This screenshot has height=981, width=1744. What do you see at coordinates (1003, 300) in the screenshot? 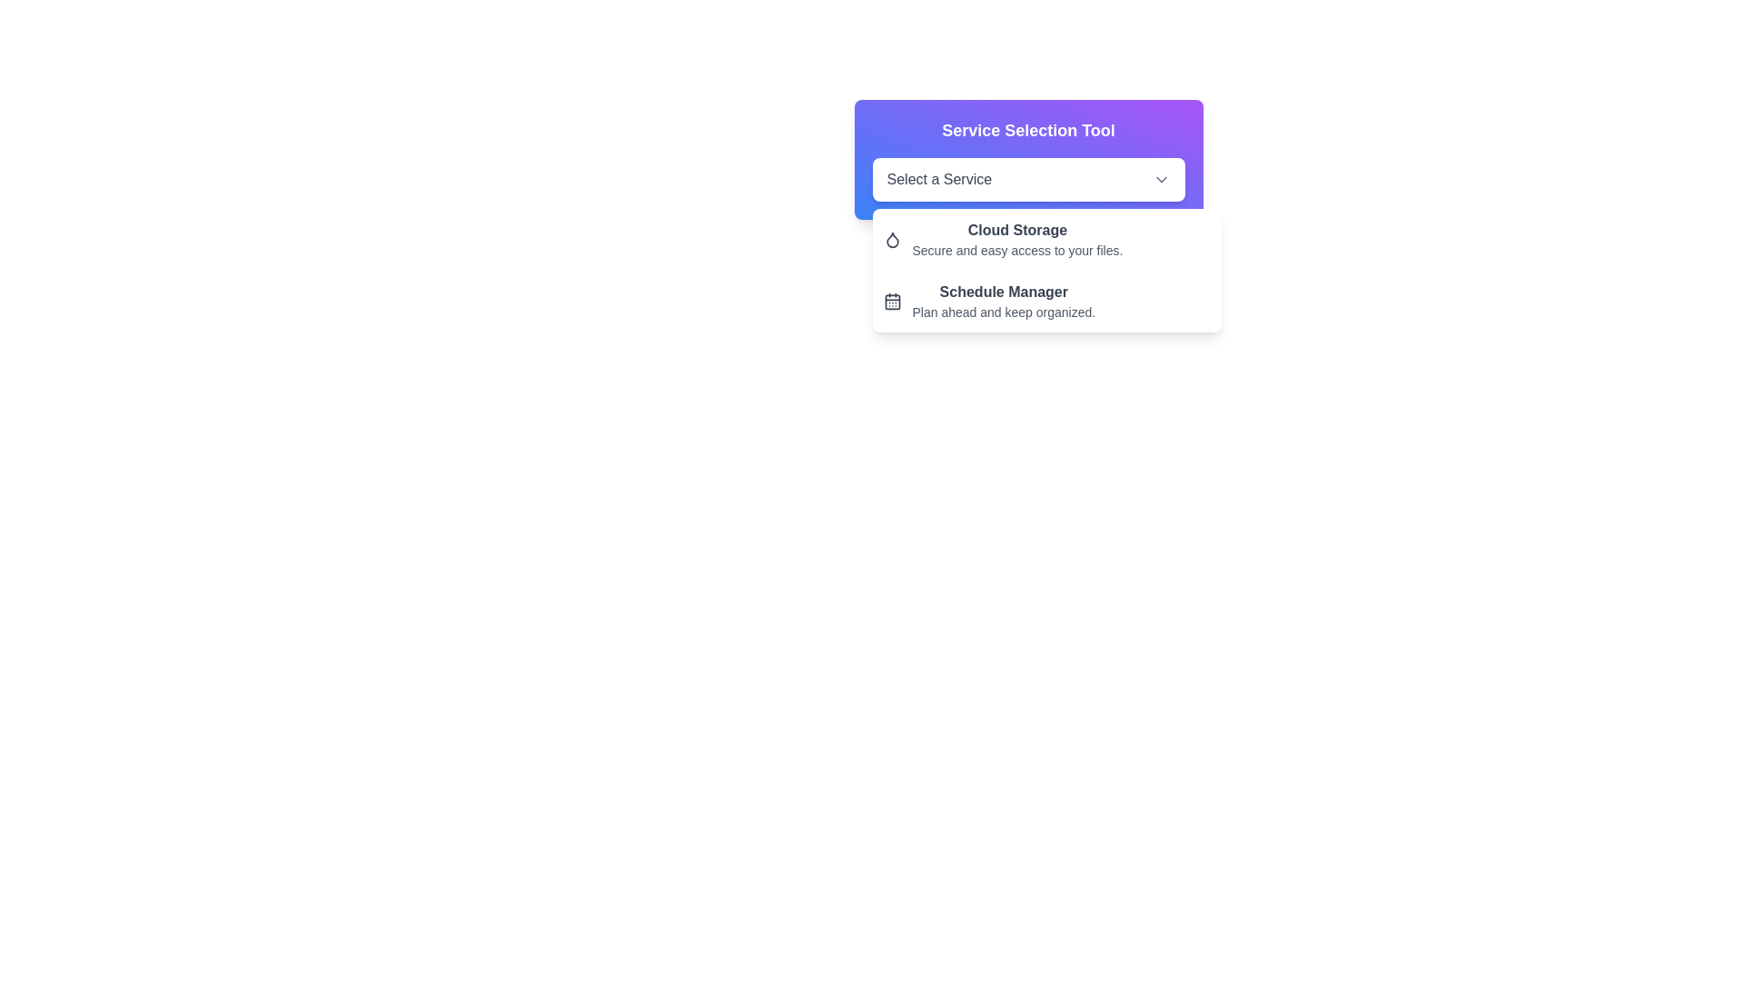
I see `the 'Schedule Manager' text block` at bounding box center [1003, 300].